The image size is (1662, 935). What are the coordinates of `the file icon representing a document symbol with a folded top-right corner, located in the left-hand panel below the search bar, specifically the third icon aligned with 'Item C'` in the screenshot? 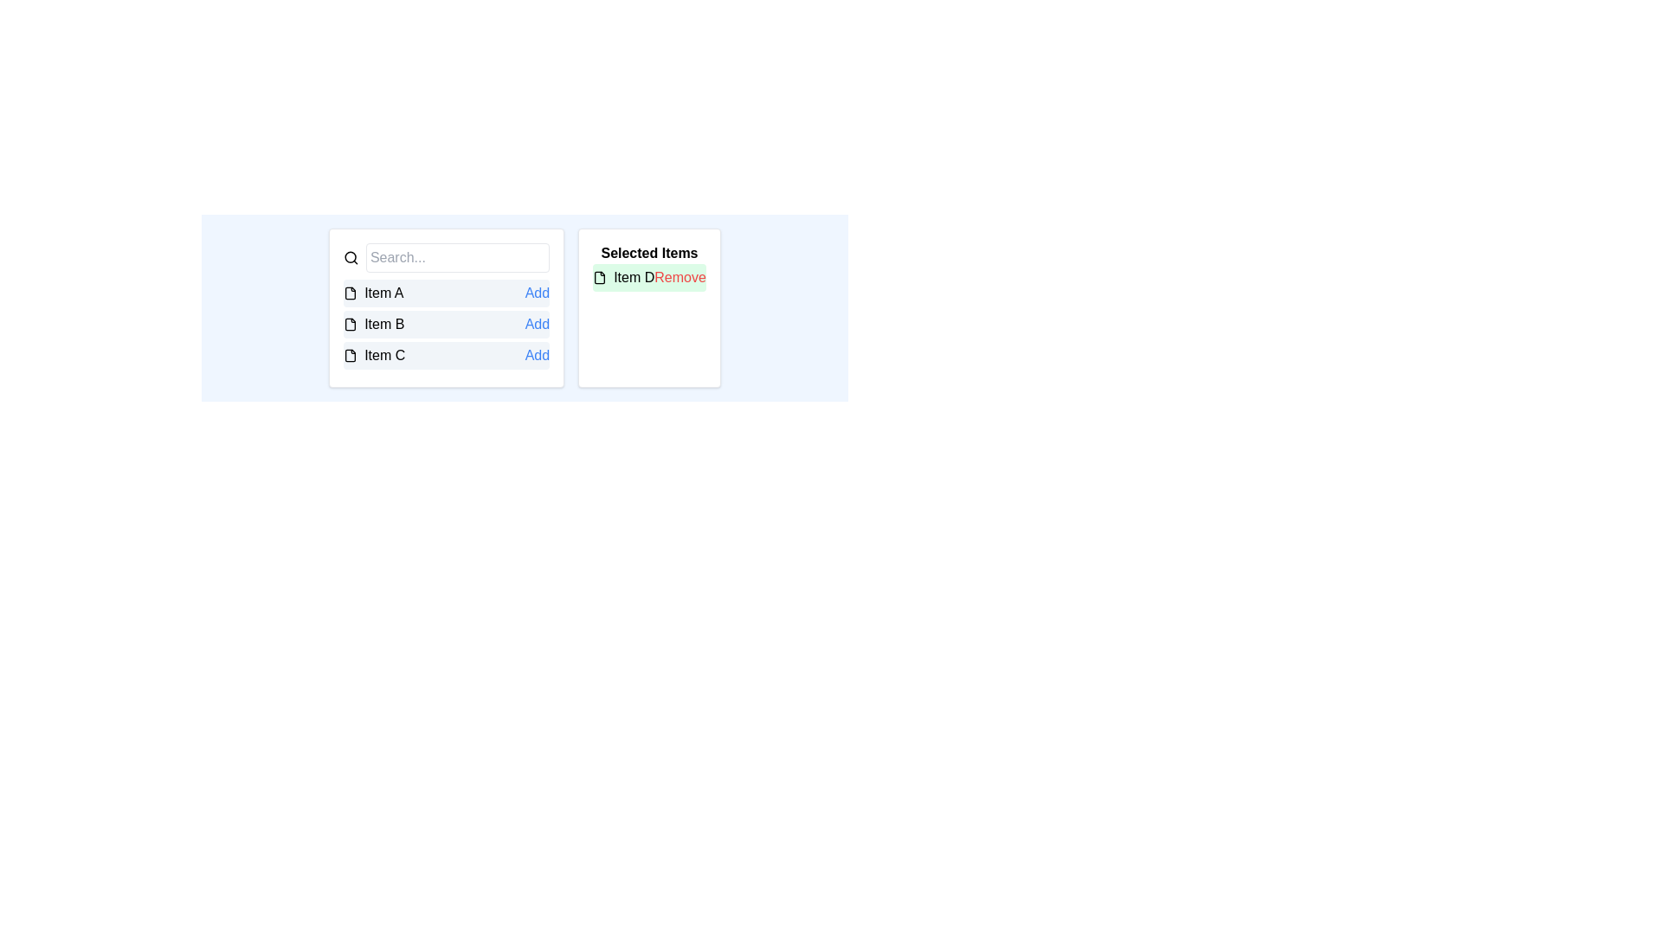 It's located at (350, 355).